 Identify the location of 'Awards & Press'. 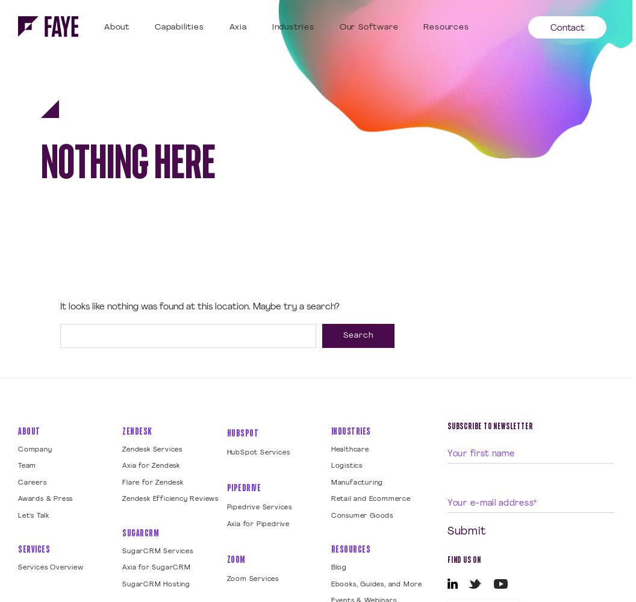
(45, 498).